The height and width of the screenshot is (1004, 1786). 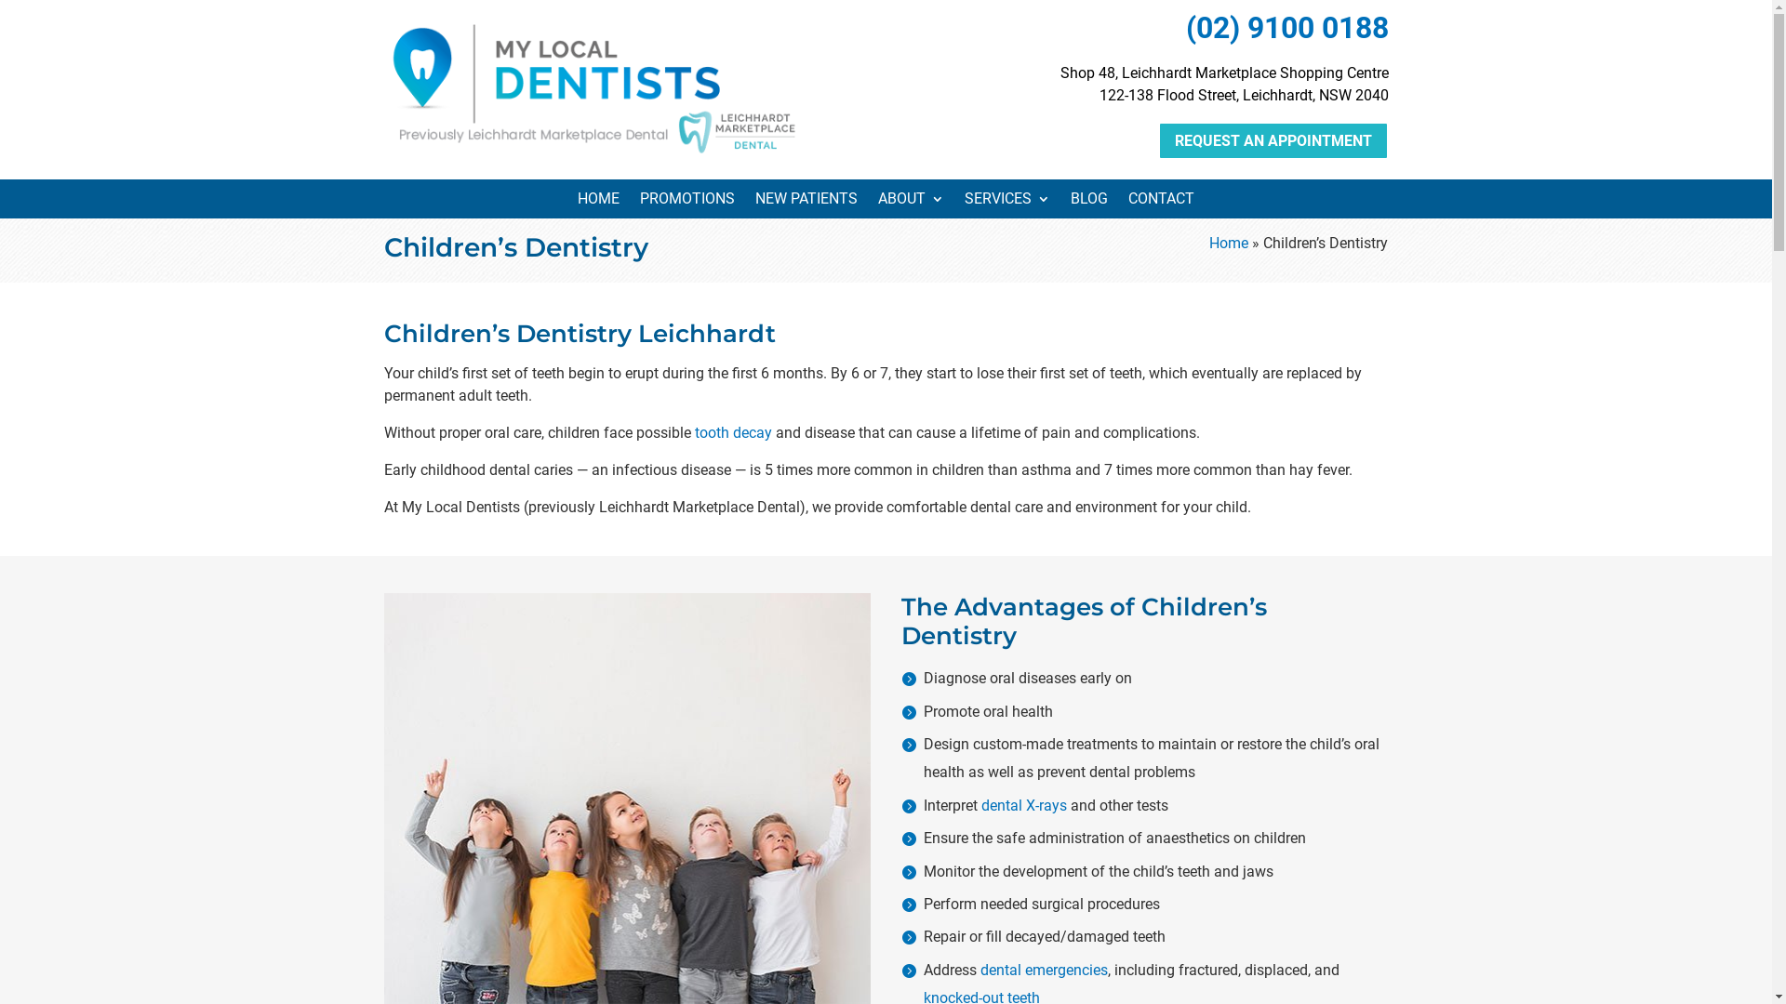 I want to click on 'tooth decay', so click(x=692, y=432).